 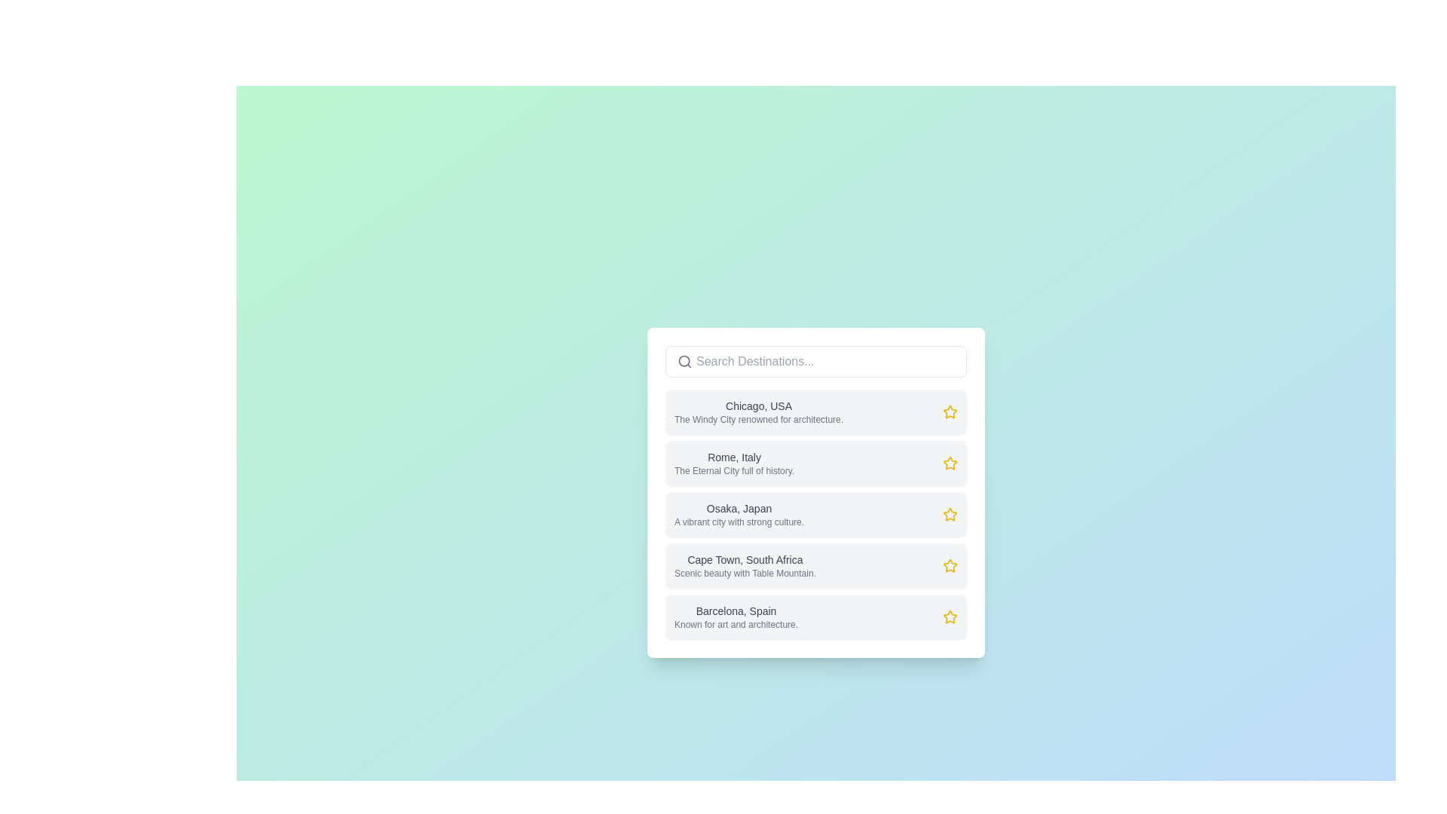 What do you see at coordinates (734, 462) in the screenshot?
I see `text block that represents the destination 'Rome, Italy', which is positioned below 'Chicago, USA' and above 'Osaka, Japan'` at bounding box center [734, 462].